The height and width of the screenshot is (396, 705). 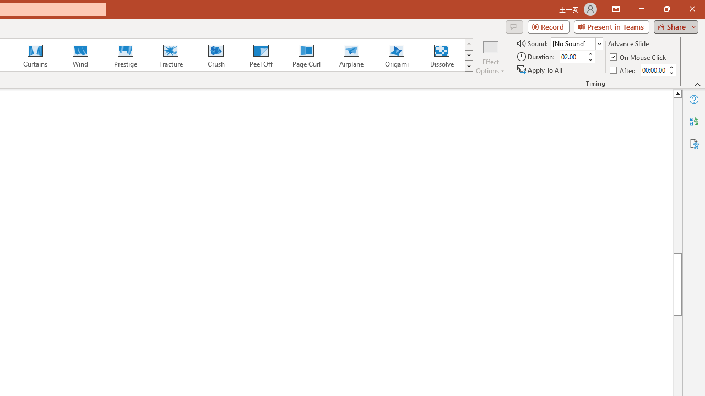 What do you see at coordinates (623, 70) in the screenshot?
I see `'After'` at bounding box center [623, 70].